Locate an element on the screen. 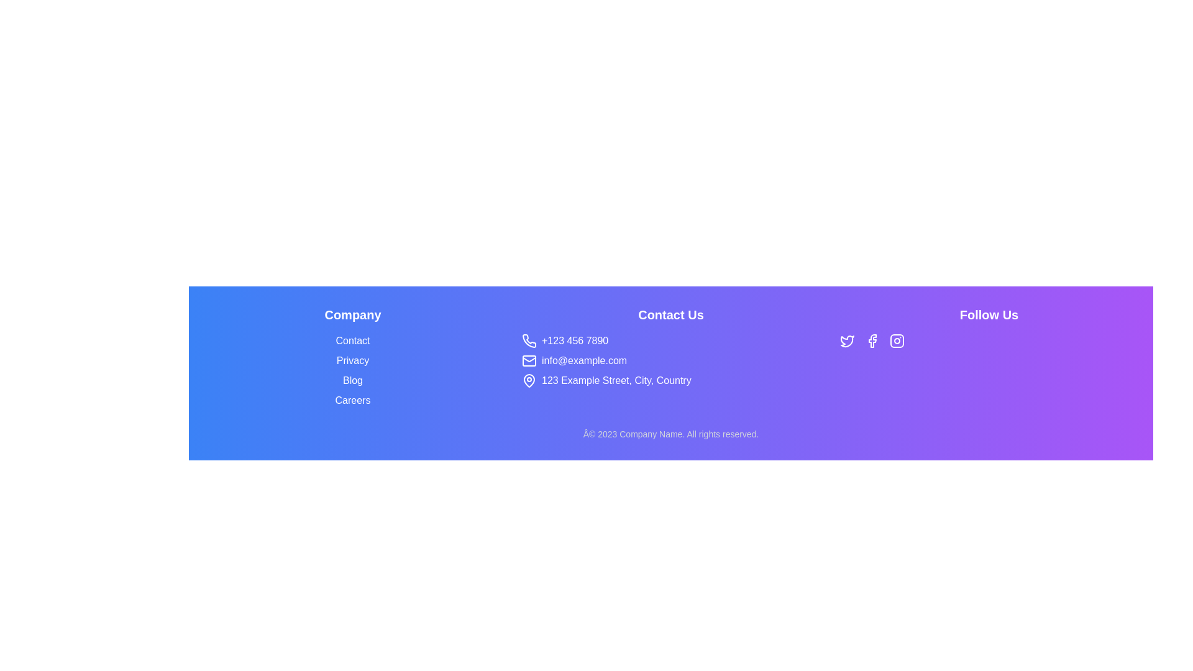  the email communication icon located to the left of the email address 'info@example.com' in the 'Contact Us' section is located at coordinates (529, 361).